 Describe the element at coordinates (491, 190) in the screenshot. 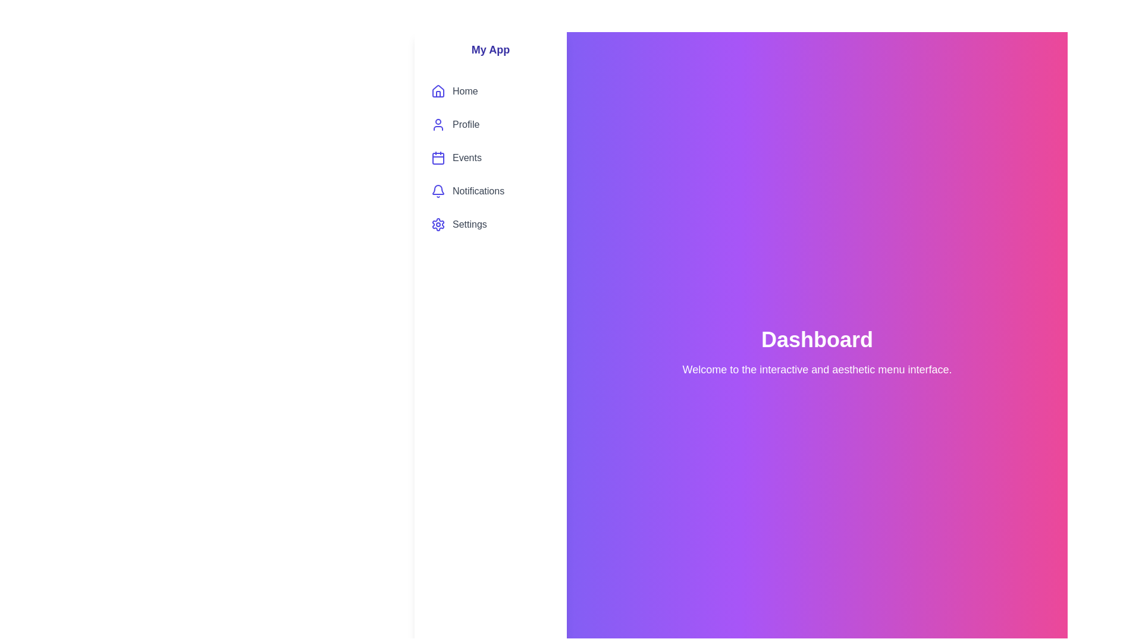

I see `the menu item labeled Notifications to preview its hover state` at that location.